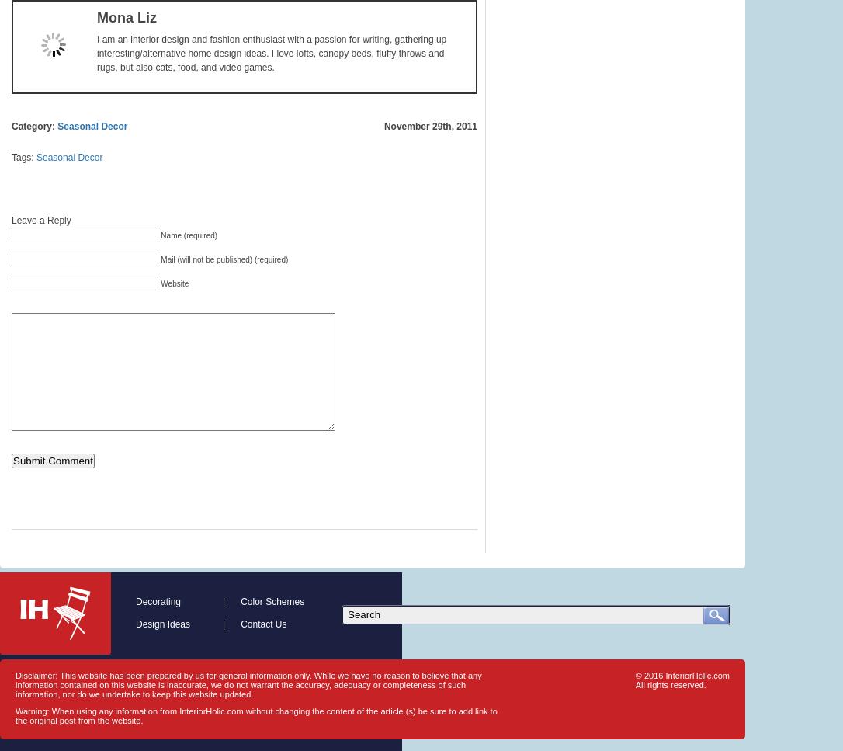 The width and height of the screenshot is (843, 751). I want to click on 'Category:', so click(33, 127).